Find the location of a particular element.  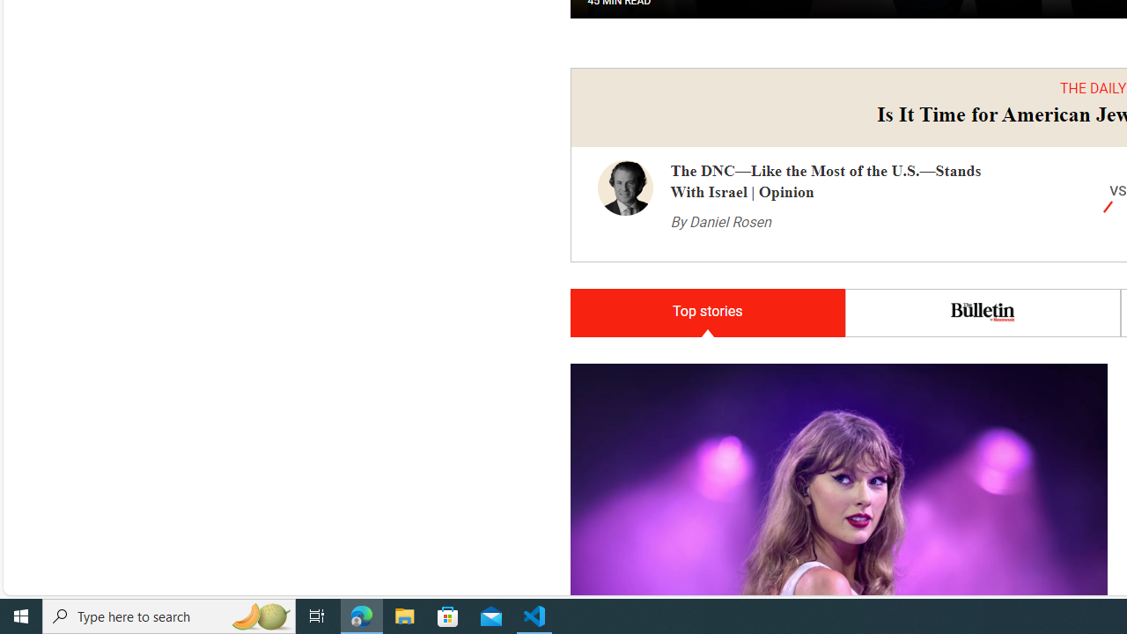

'Microsoft Store' is located at coordinates (448, 615).